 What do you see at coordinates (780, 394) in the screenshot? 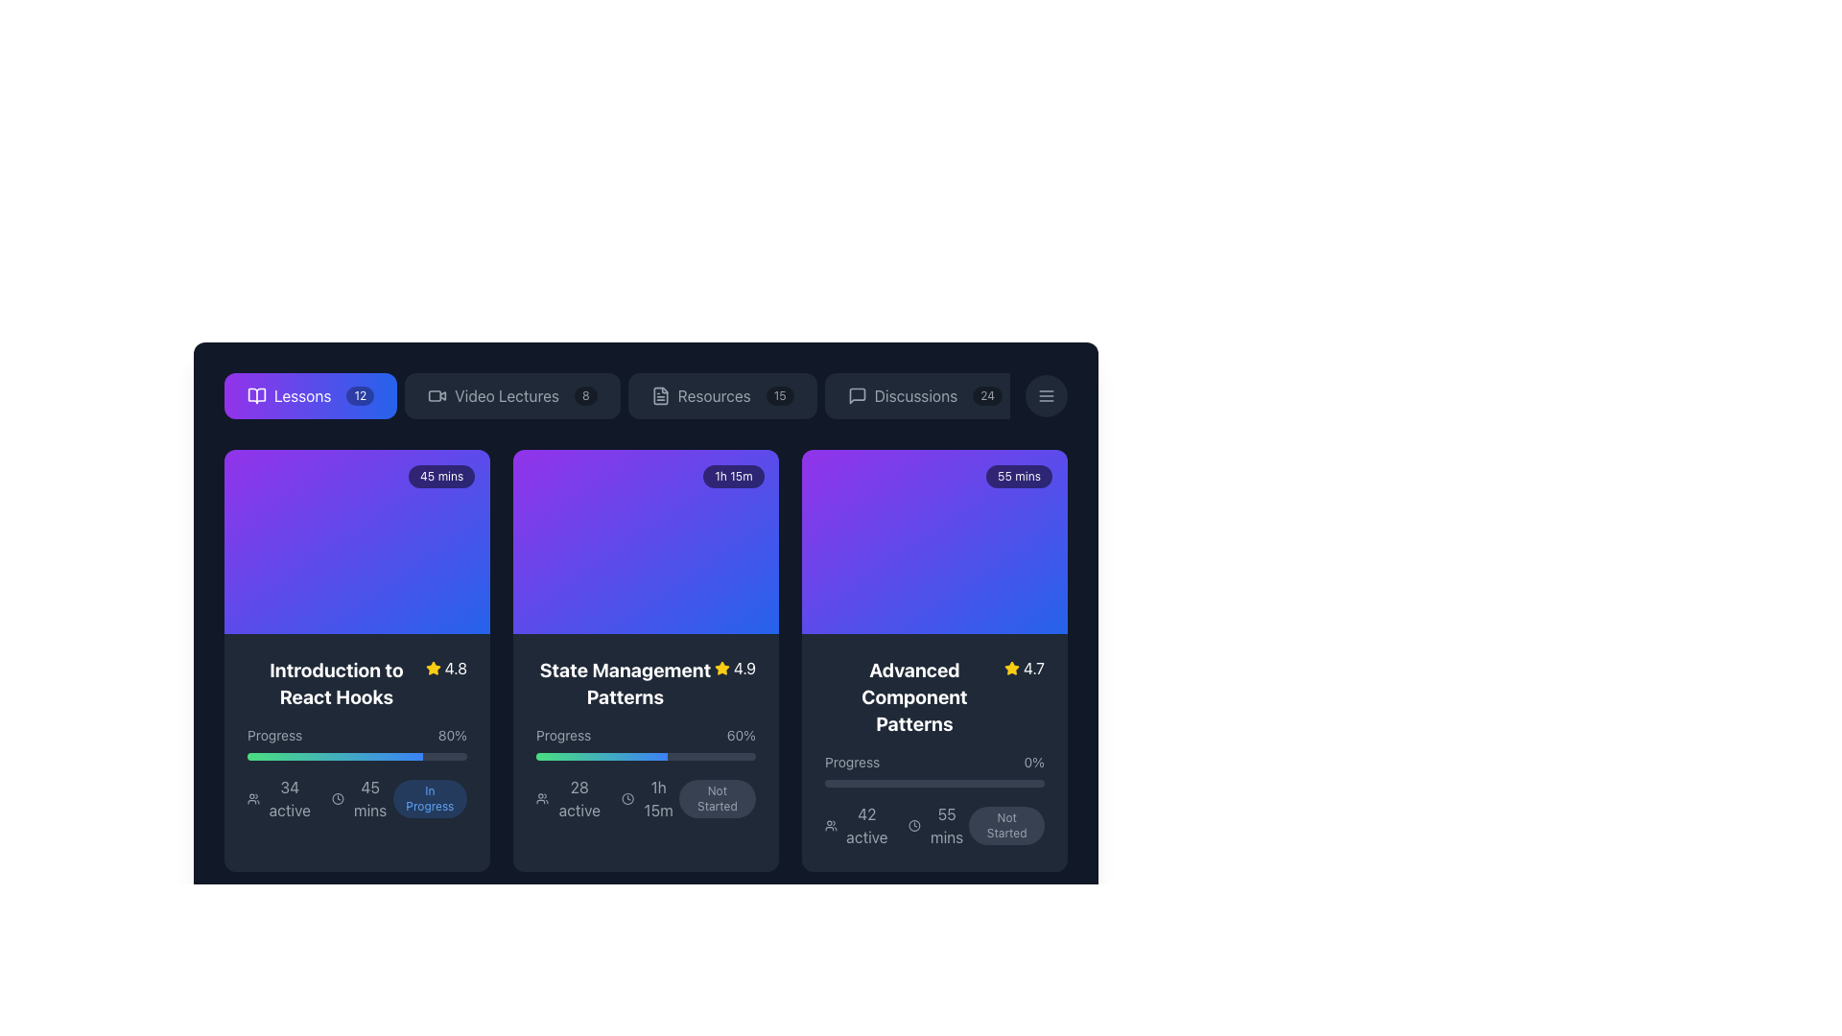
I see `displayed number '15' on the small badge-like component with a rounded rectangular shape, located within the 'Resources' navigation menu` at bounding box center [780, 394].